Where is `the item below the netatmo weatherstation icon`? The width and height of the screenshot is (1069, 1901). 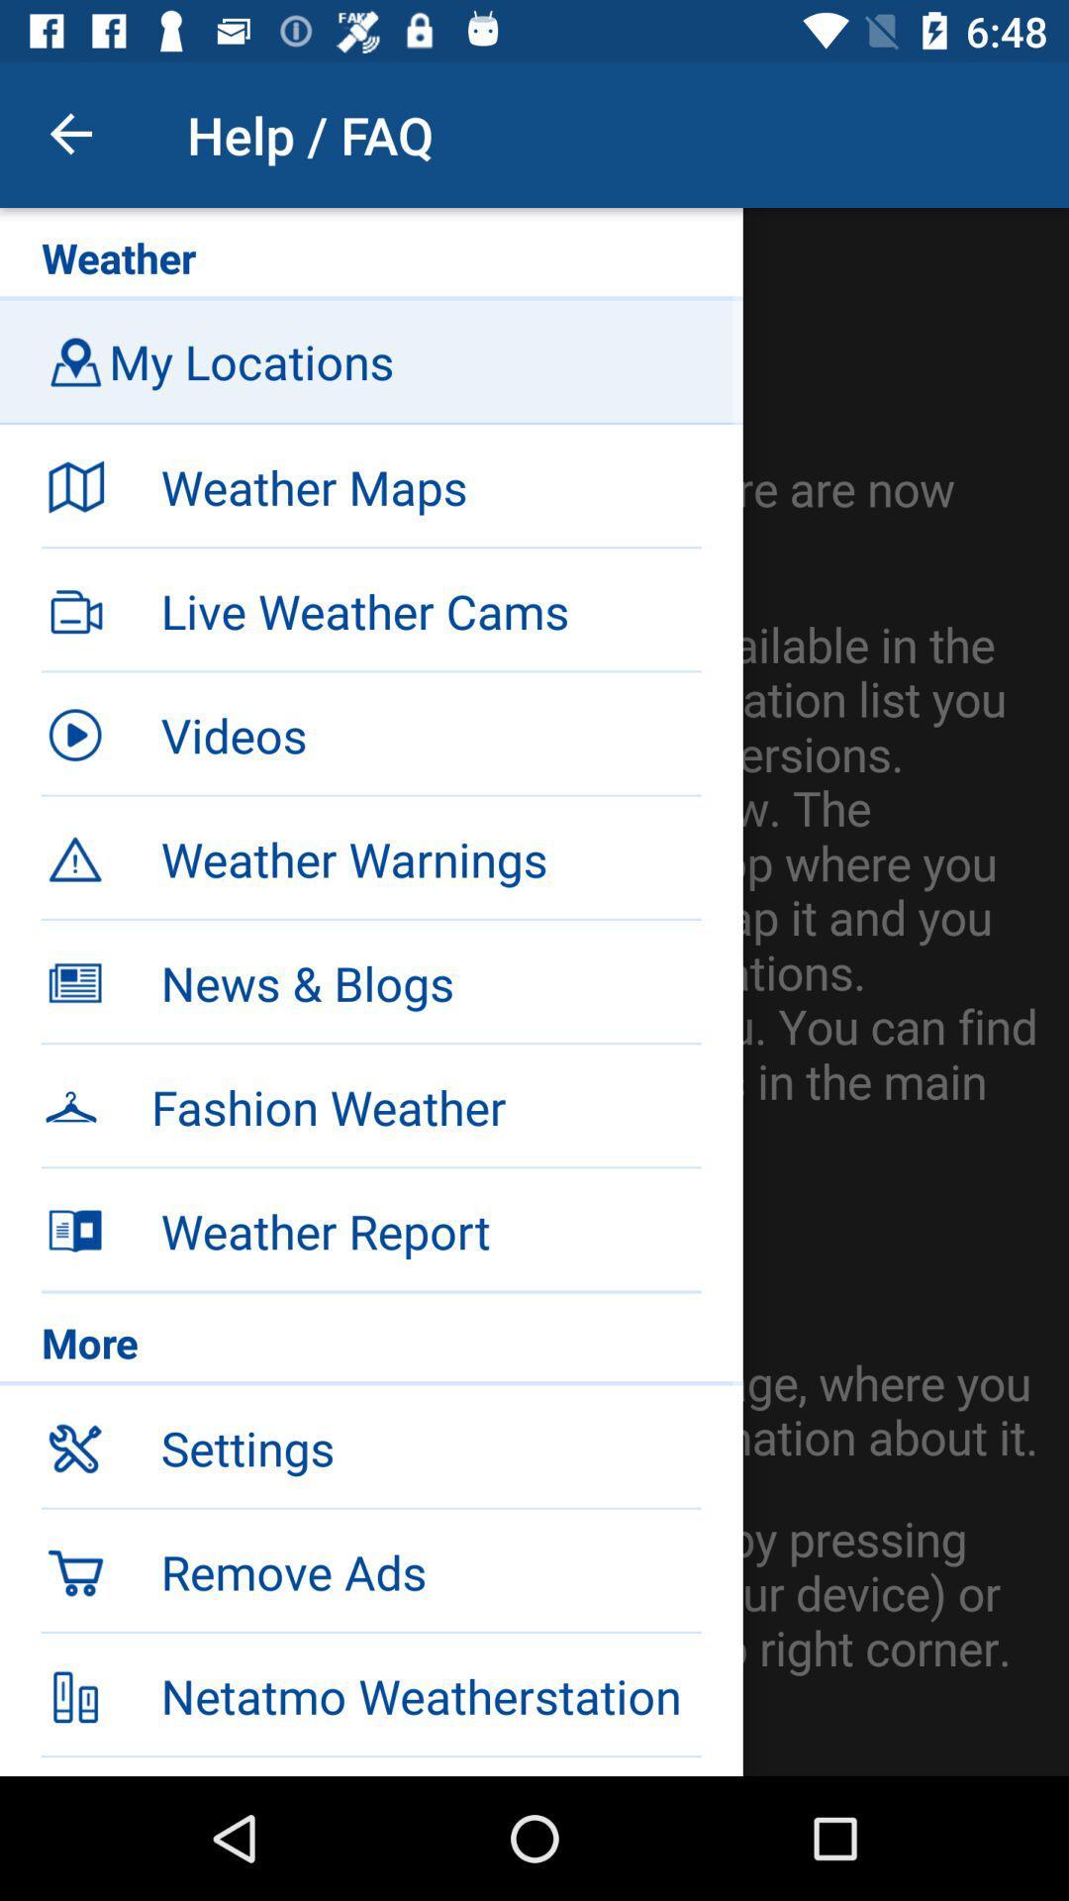
the item below the netatmo weatherstation icon is located at coordinates (430, 1766).